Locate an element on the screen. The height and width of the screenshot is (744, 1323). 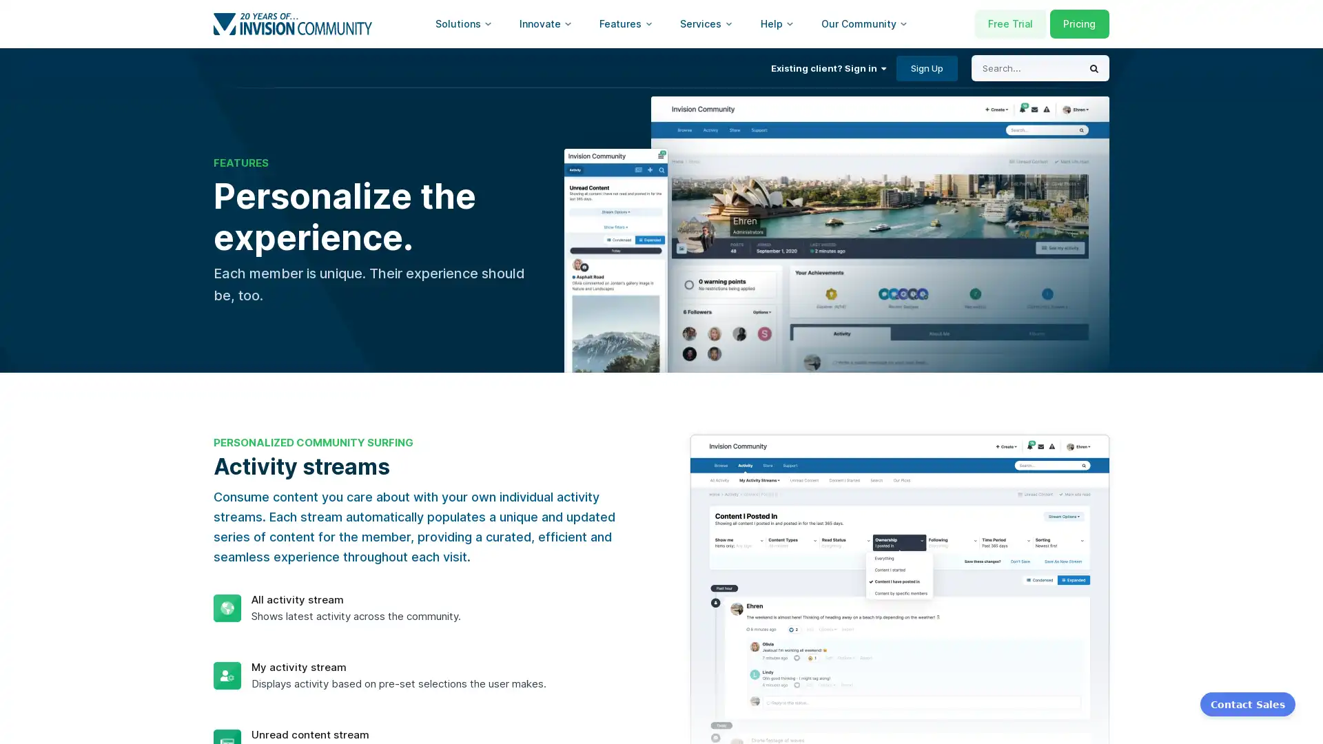
Features is located at coordinates (625, 23).